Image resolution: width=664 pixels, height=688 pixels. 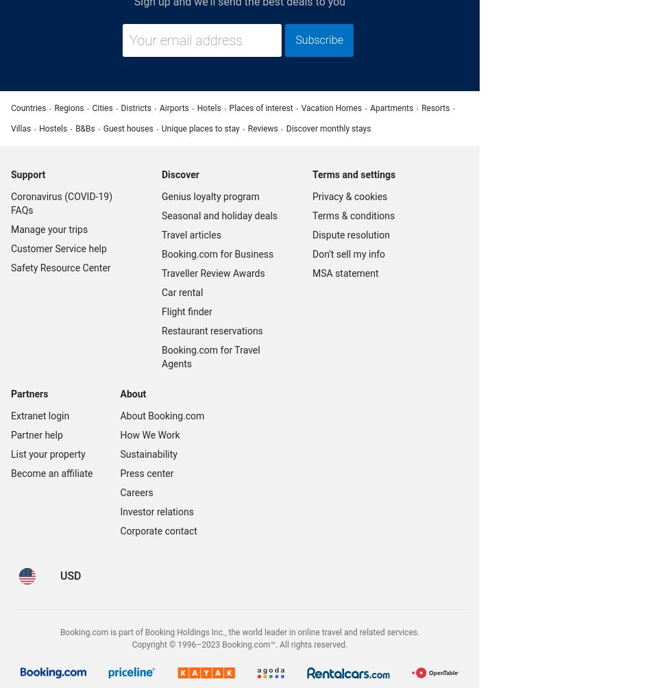 I want to click on 'Genius loyalty program', so click(x=210, y=196).